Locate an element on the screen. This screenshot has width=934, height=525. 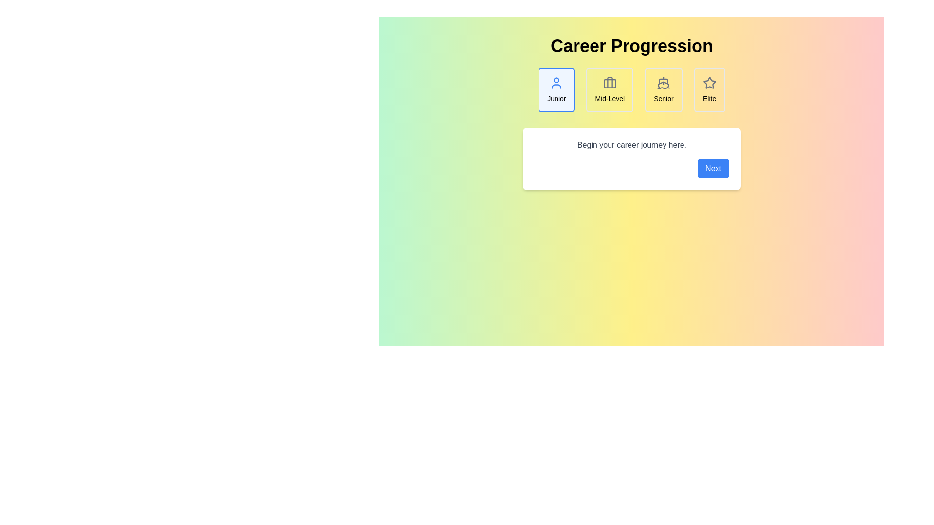
the Senior career step to view its details is located at coordinates (663, 90).